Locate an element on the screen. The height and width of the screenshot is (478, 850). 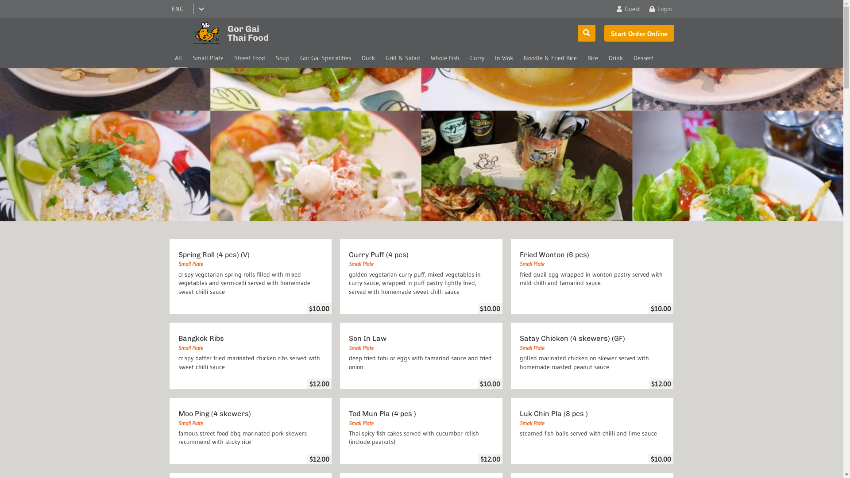
'Order Online' is located at coordinates (639, 32).